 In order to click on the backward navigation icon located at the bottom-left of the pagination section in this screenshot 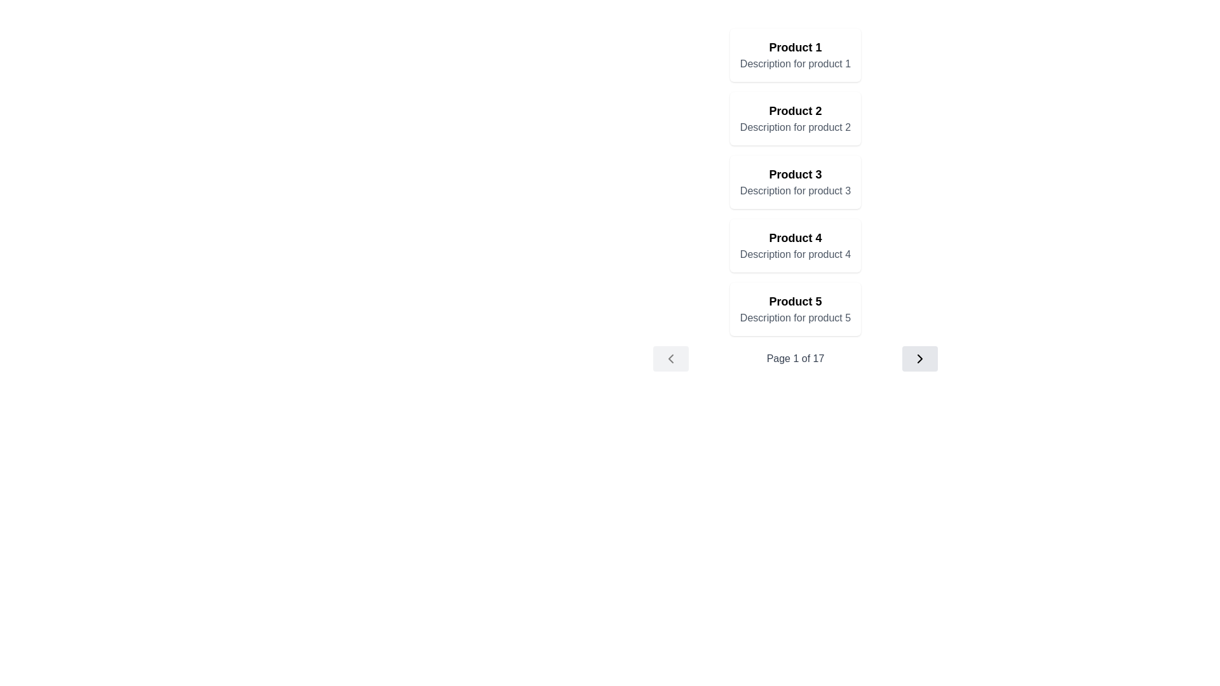, I will do `click(670, 358)`.